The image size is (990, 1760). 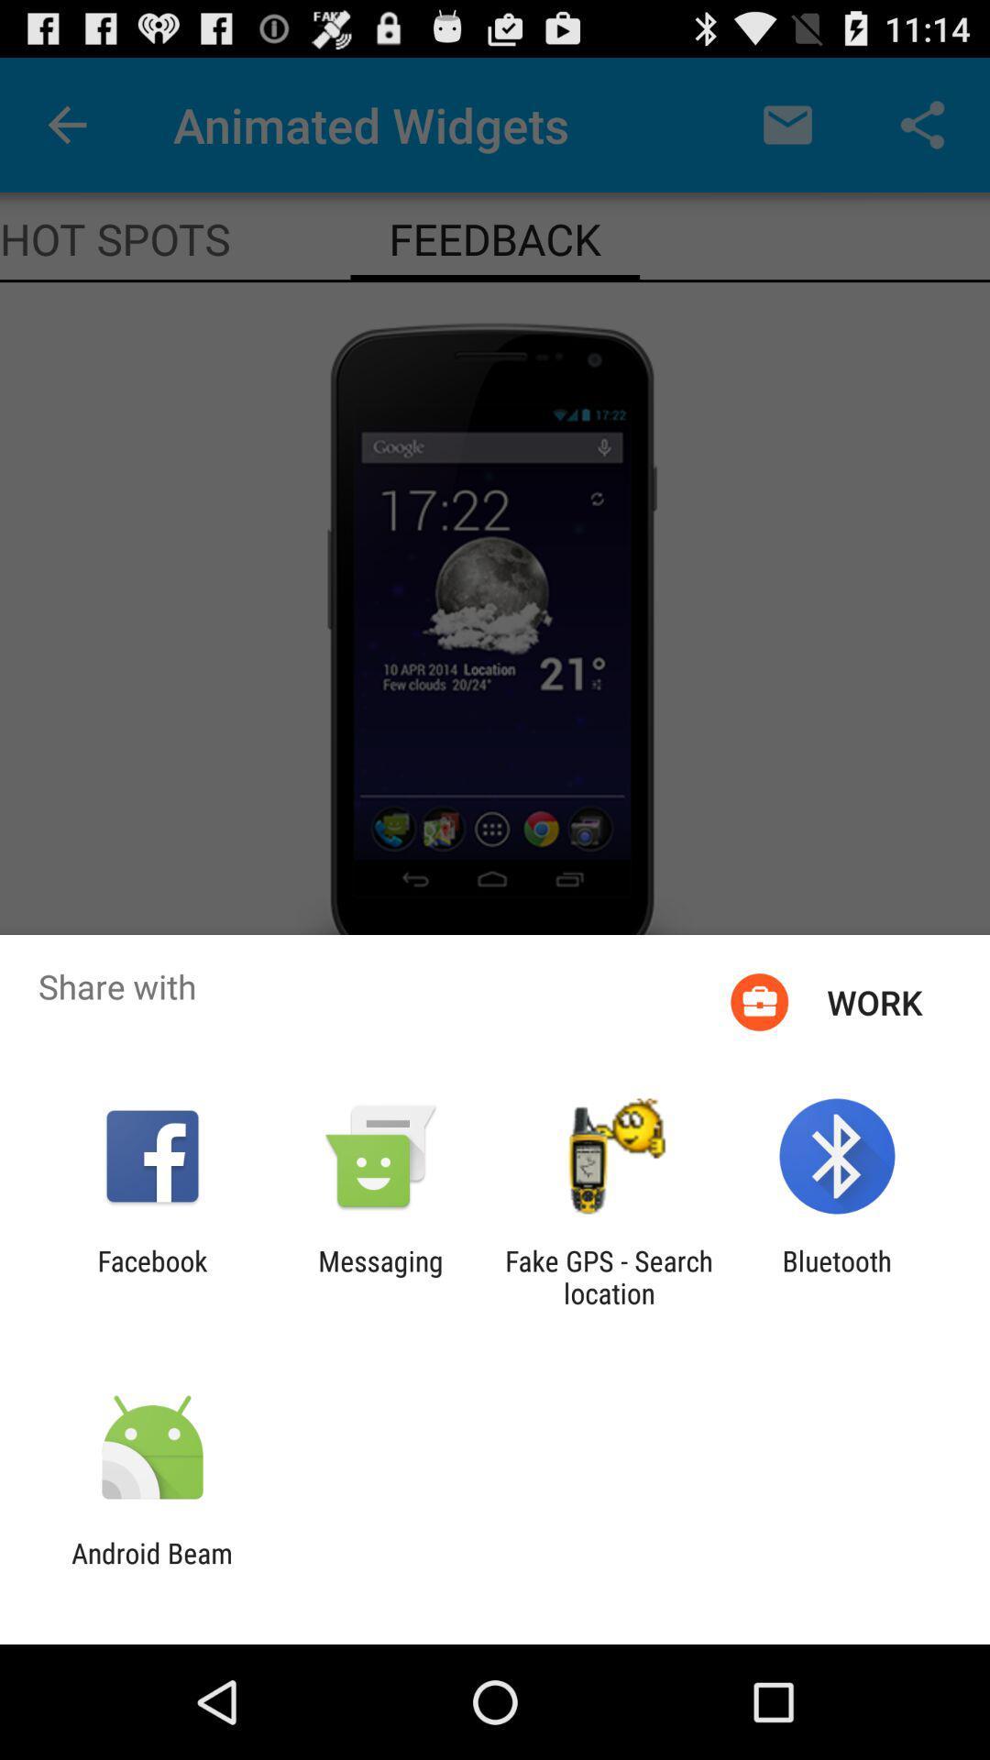 I want to click on item next to facebook, so click(x=379, y=1276).